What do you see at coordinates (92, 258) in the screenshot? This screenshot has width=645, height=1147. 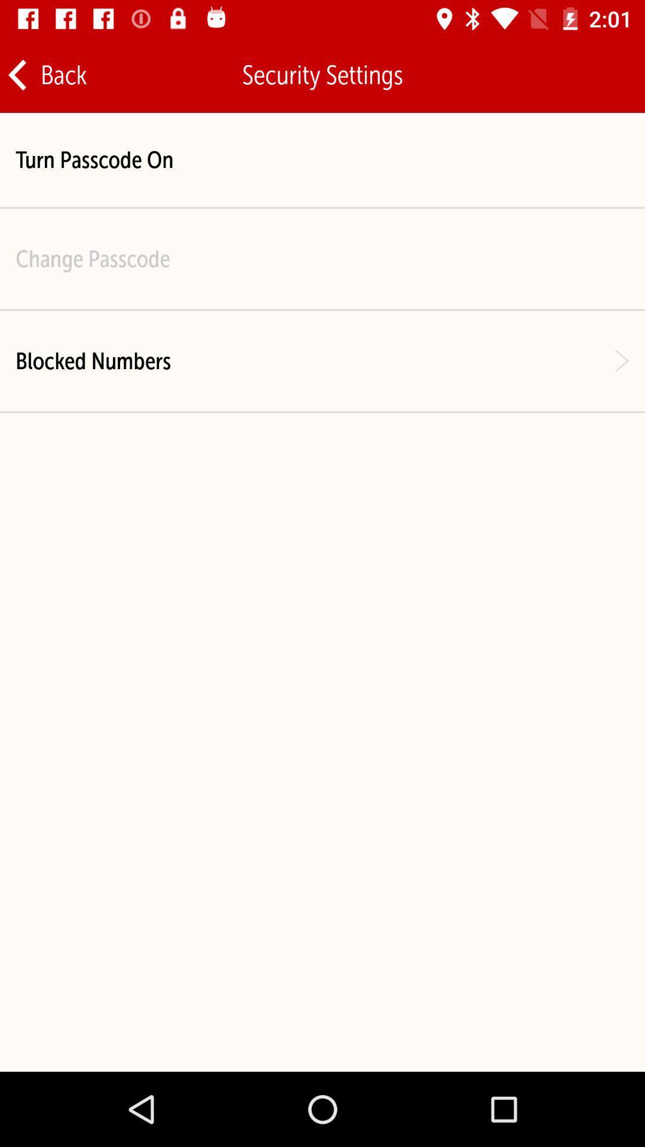 I see `the change passcode` at bounding box center [92, 258].